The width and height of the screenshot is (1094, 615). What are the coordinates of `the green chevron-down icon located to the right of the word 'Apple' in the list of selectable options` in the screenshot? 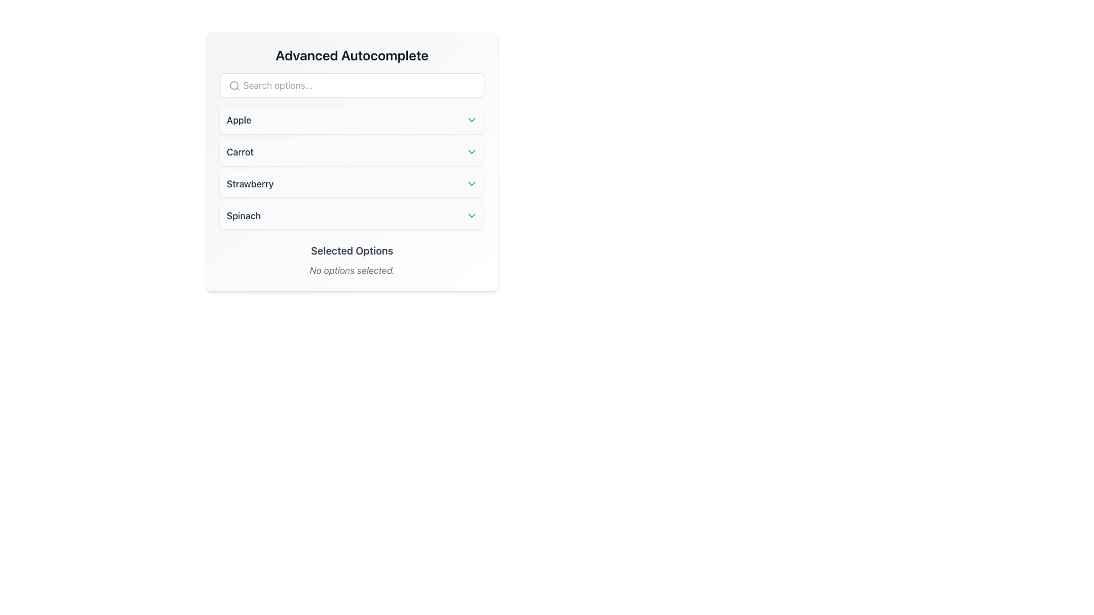 It's located at (472, 120).